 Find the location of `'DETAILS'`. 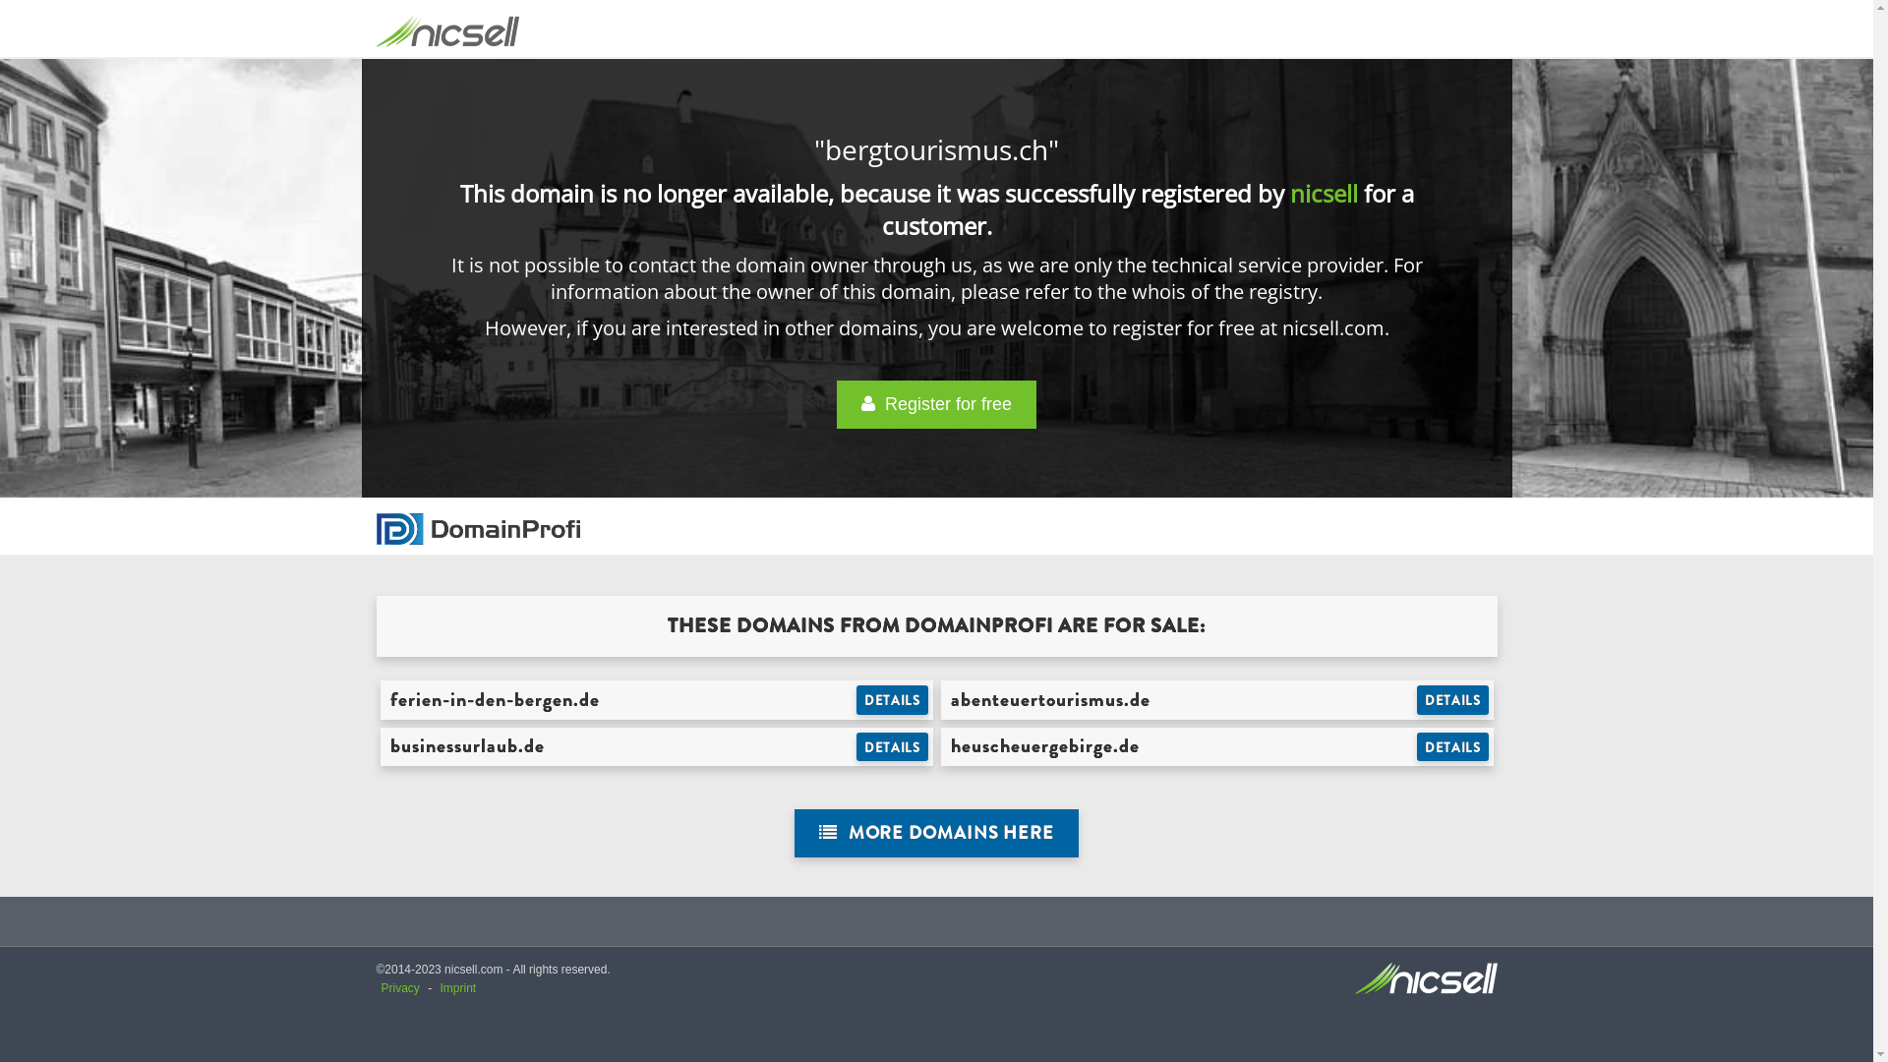

'DETAILS' is located at coordinates (1452, 746).